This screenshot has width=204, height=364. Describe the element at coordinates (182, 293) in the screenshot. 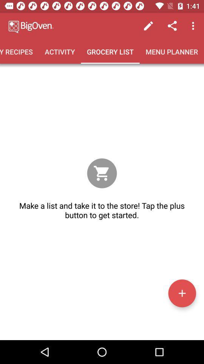

I see `the add icon` at that location.